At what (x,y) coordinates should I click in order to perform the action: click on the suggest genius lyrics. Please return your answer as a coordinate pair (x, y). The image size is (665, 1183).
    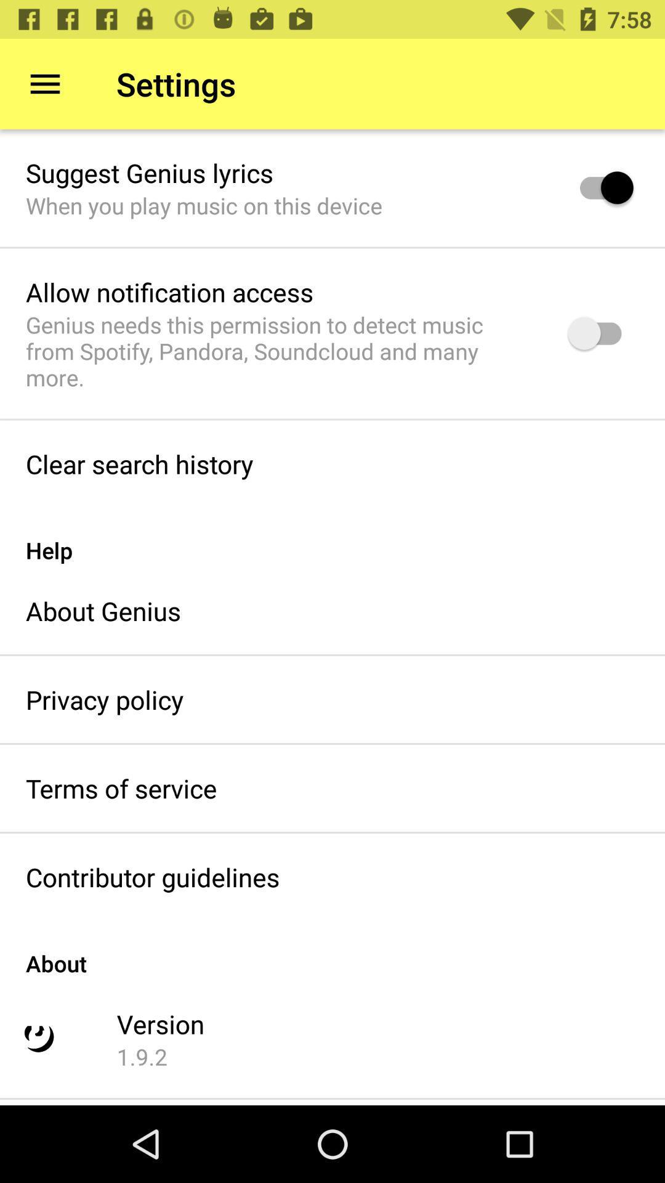
    Looking at the image, I should click on (149, 172).